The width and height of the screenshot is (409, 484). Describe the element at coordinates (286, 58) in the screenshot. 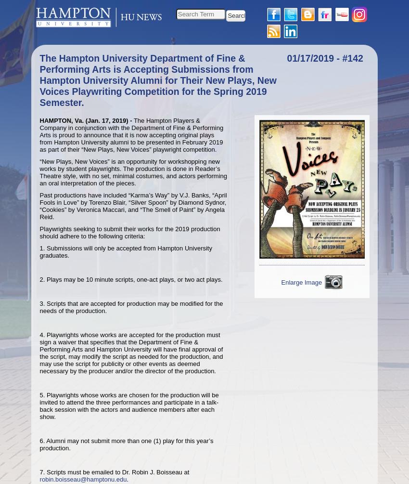

I see `'01/17/2019 - #142'` at that location.